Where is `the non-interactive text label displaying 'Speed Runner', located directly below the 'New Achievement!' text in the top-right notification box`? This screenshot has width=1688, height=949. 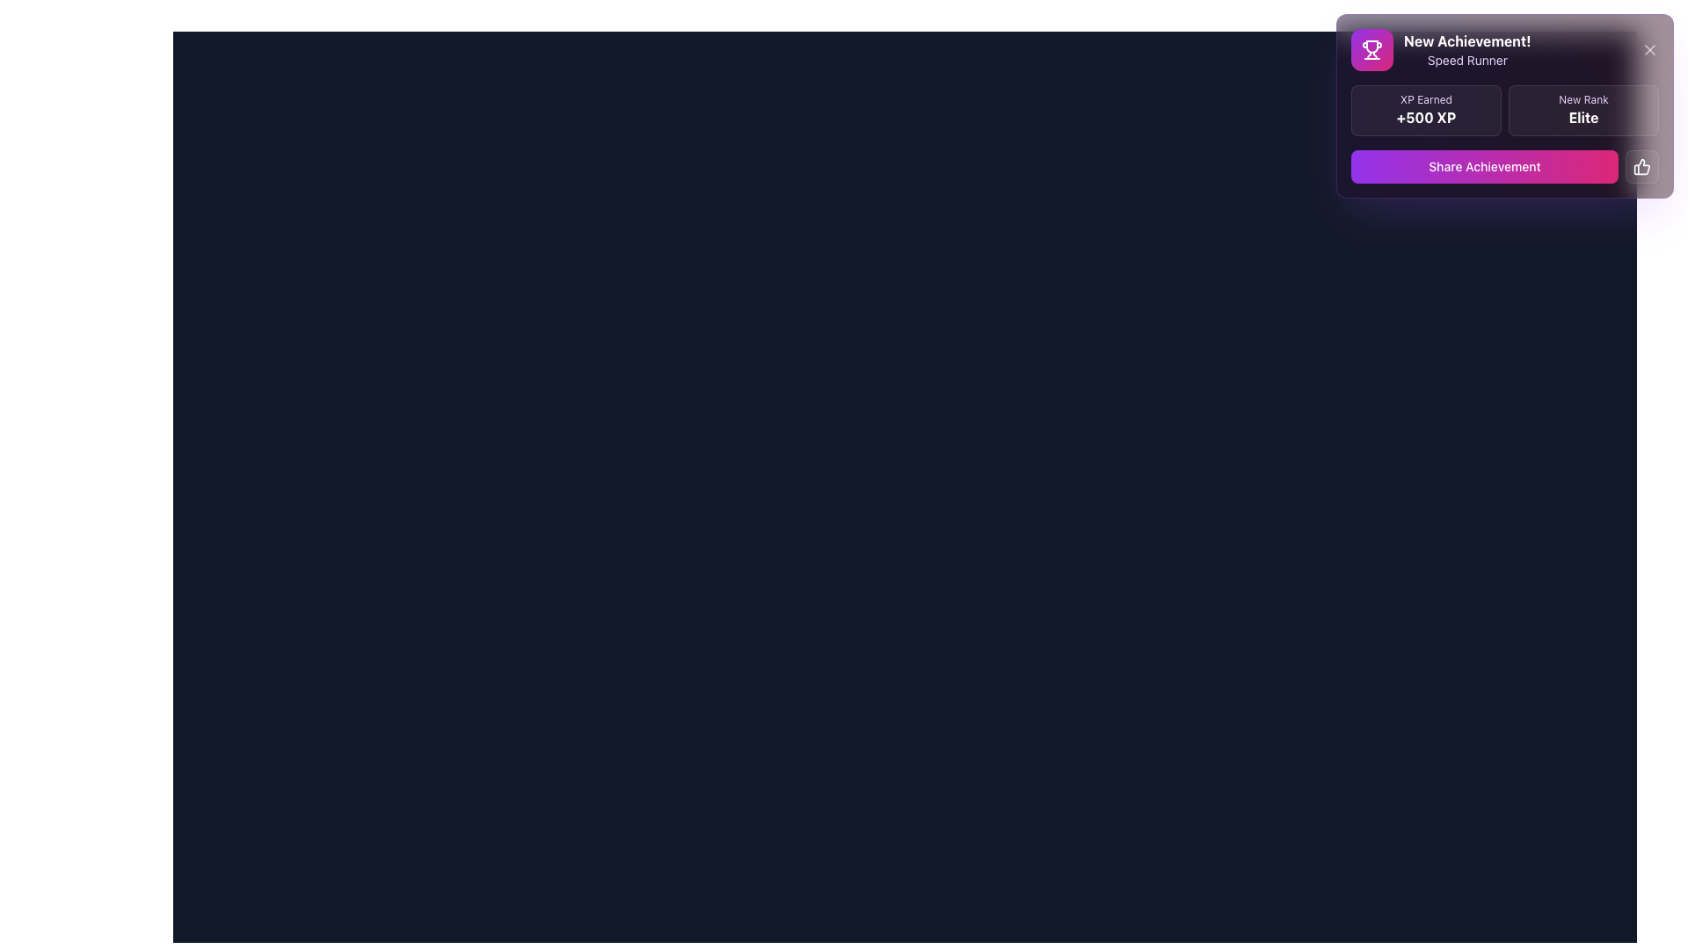
the non-interactive text label displaying 'Speed Runner', located directly below the 'New Achievement!' text in the top-right notification box is located at coordinates (1467, 60).